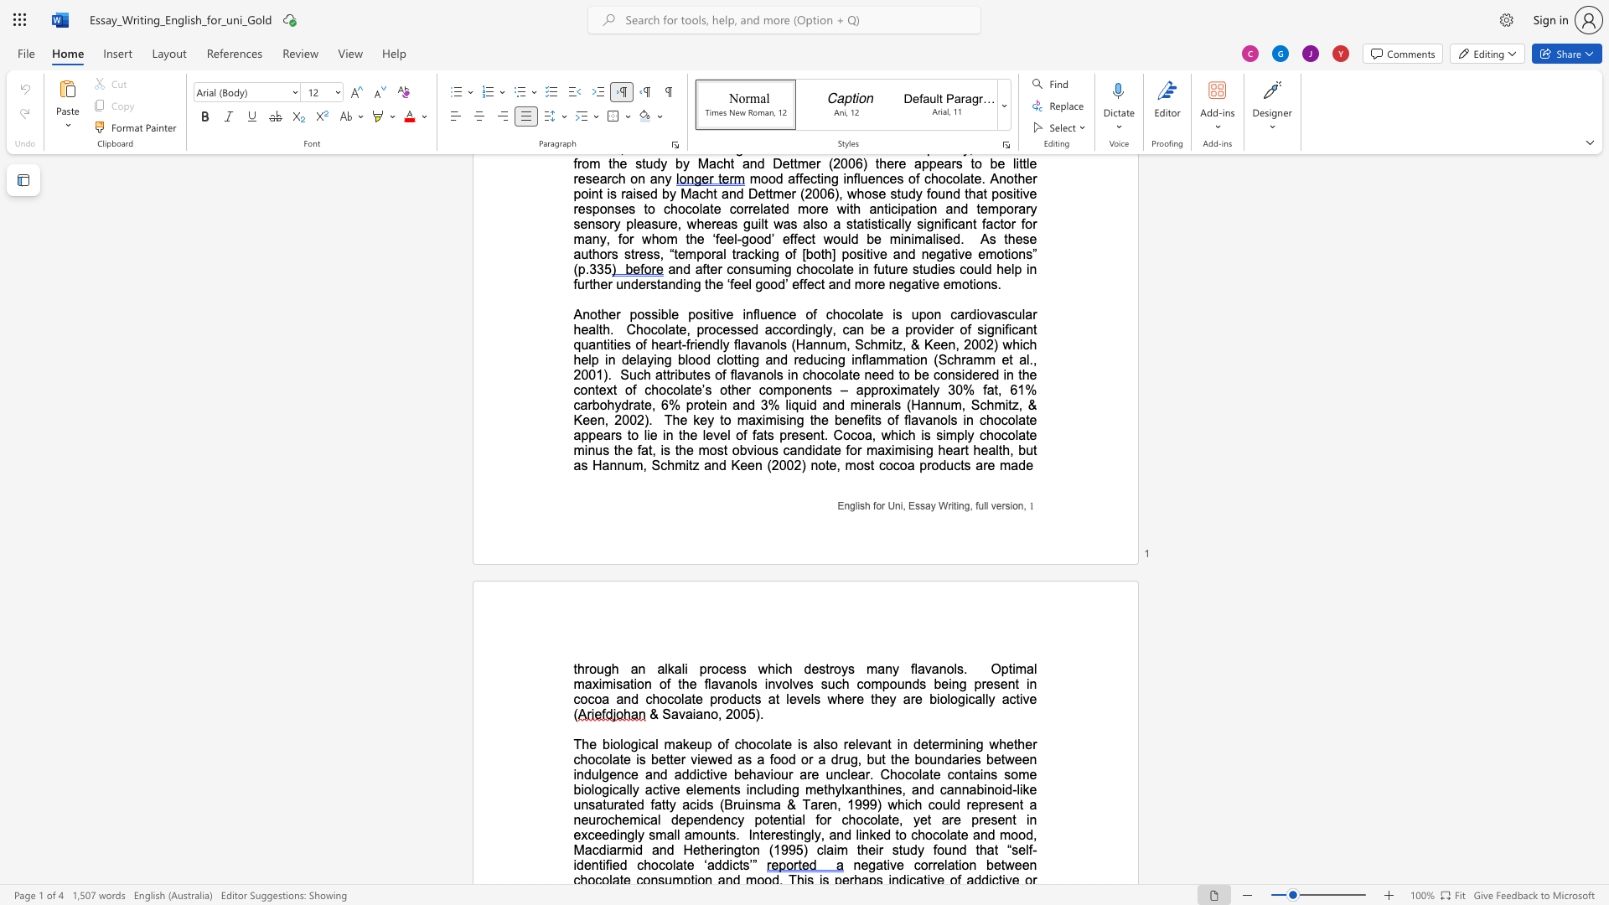 This screenshot has width=1609, height=905. Describe the element at coordinates (951, 804) in the screenshot. I see `the 8th character "l" in the text` at that location.